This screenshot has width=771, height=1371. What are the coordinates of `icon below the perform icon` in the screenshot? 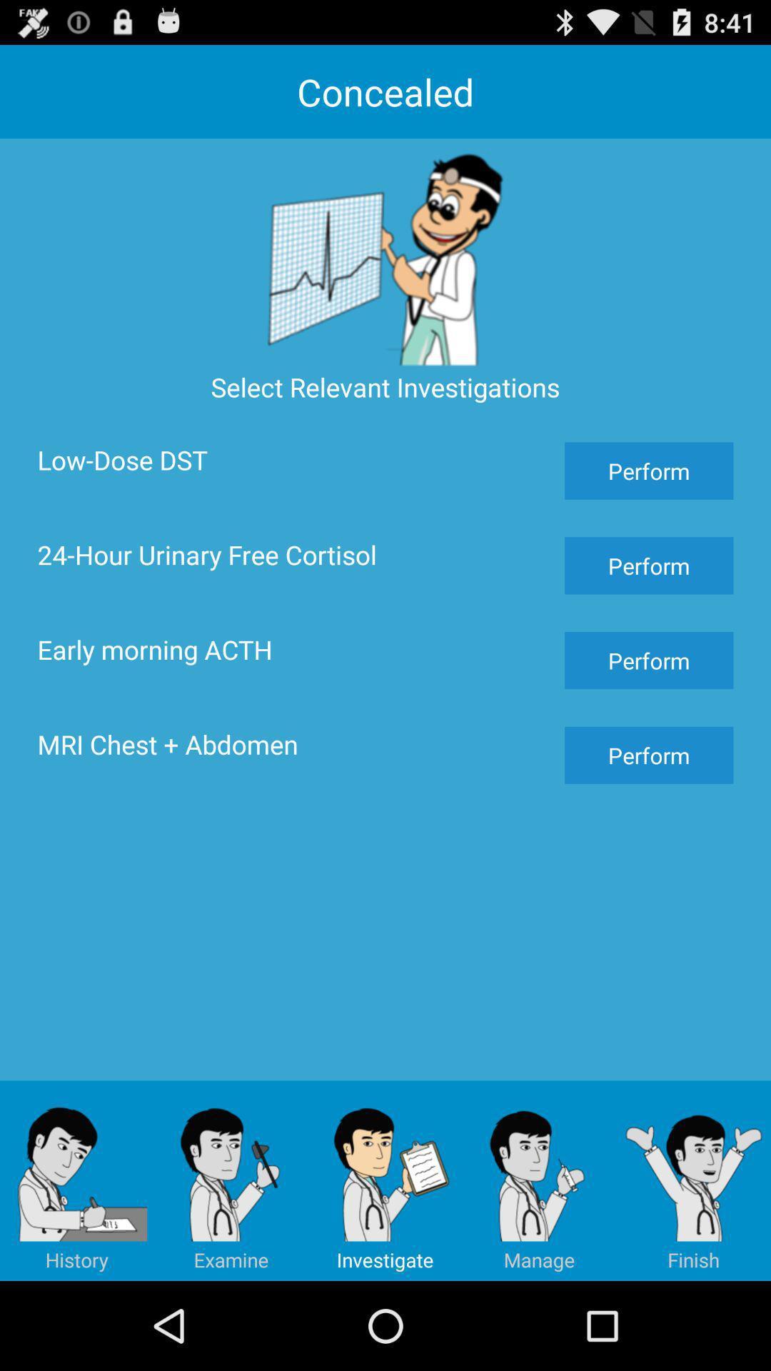 It's located at (693, 1180).